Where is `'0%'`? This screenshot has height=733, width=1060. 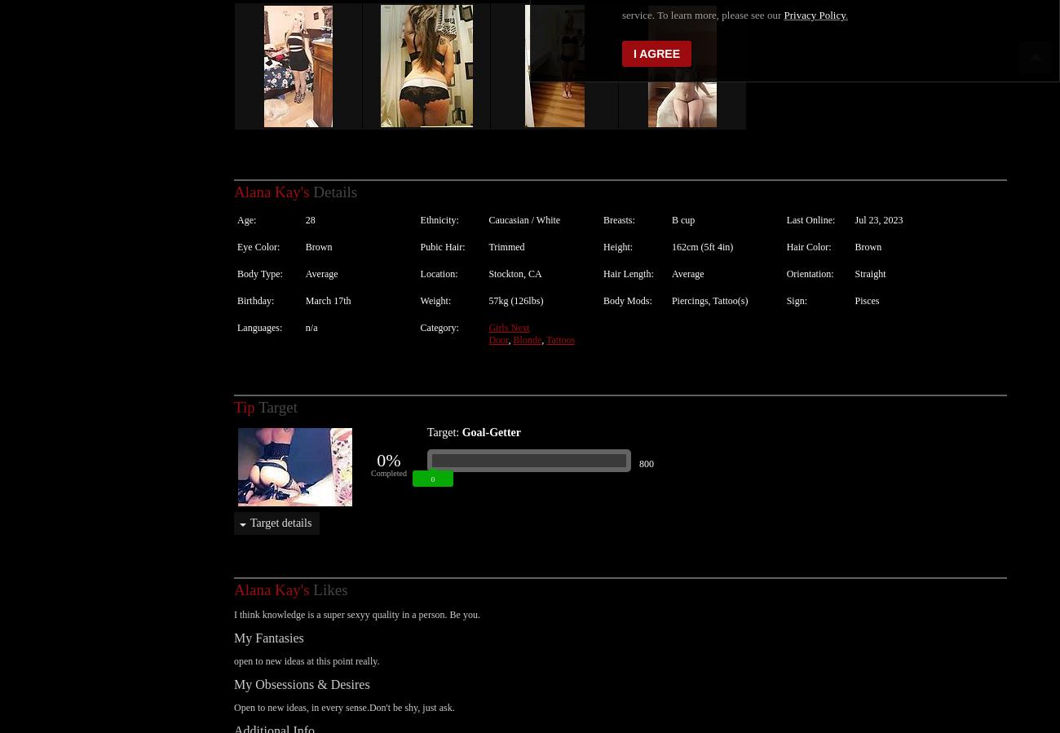 '0%' is located at coordinates (387, 442).